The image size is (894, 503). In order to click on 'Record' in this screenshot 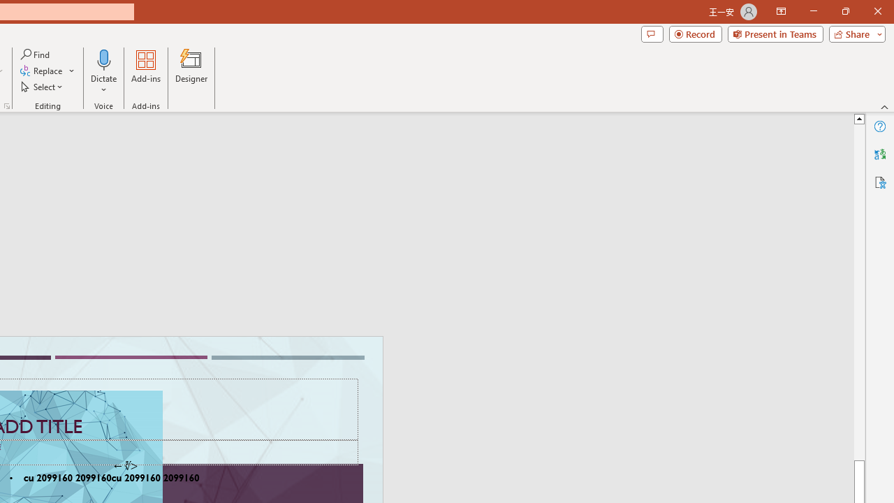, I will do `click(695, 33)`.